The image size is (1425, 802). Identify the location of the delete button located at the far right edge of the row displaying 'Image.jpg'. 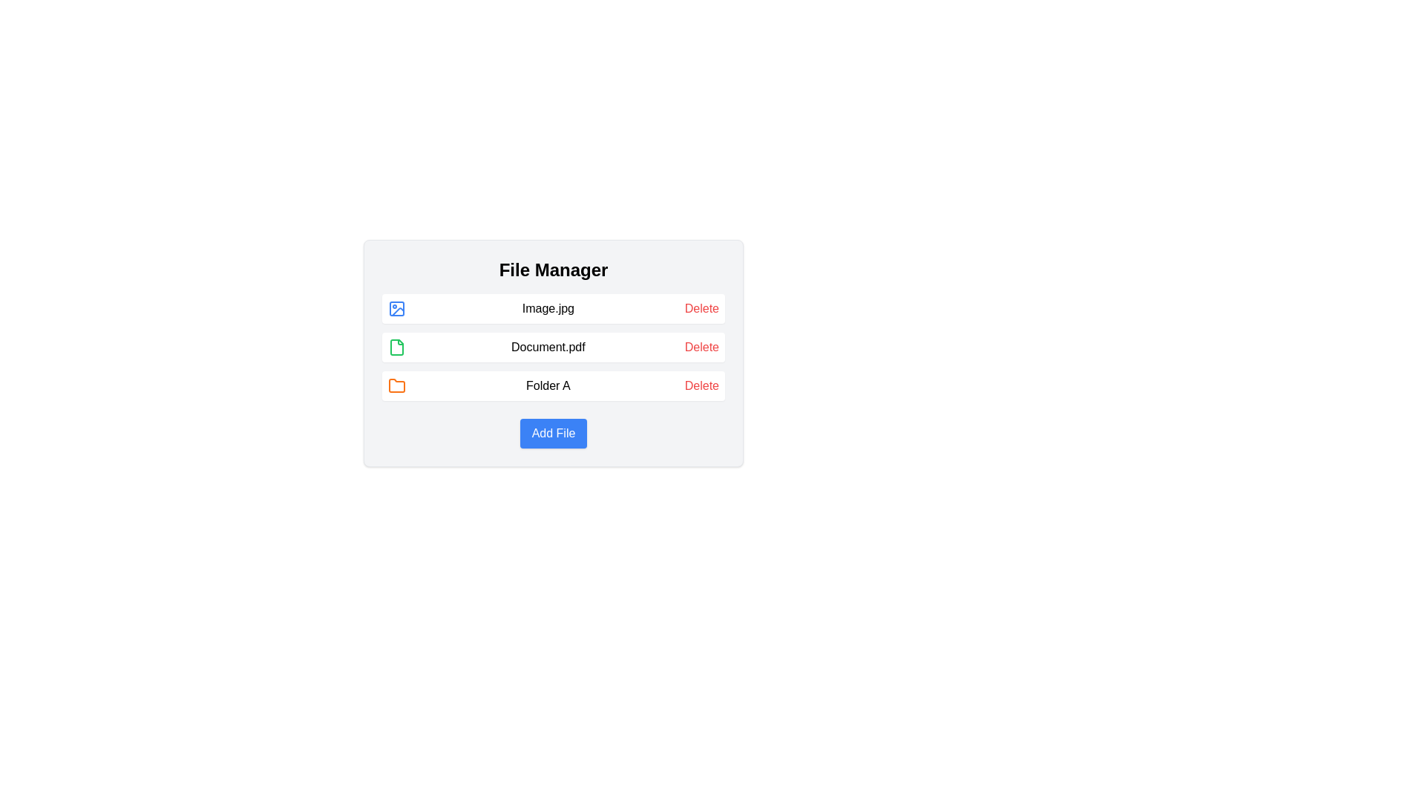
(701, 308).